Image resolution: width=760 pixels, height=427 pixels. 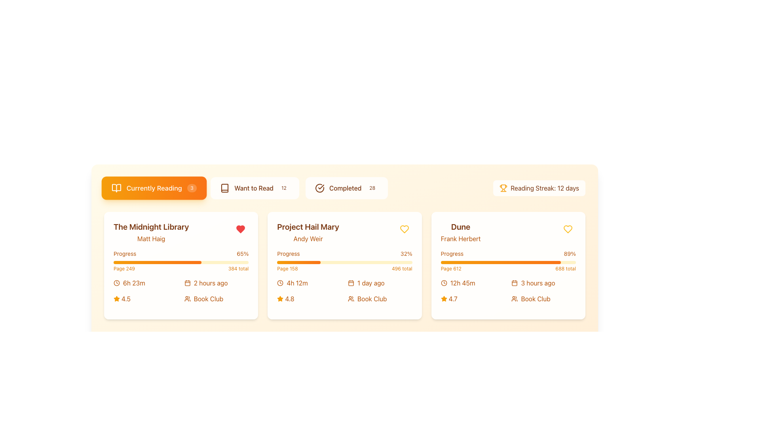 What do you see at coordinates (453, 299) in the screenshot?
I see `the Rating text displaying '4.7' in amber-colored text, located below the 'Dune' book card and aligned to the right of the star icon` at bounding box center [453, 299].